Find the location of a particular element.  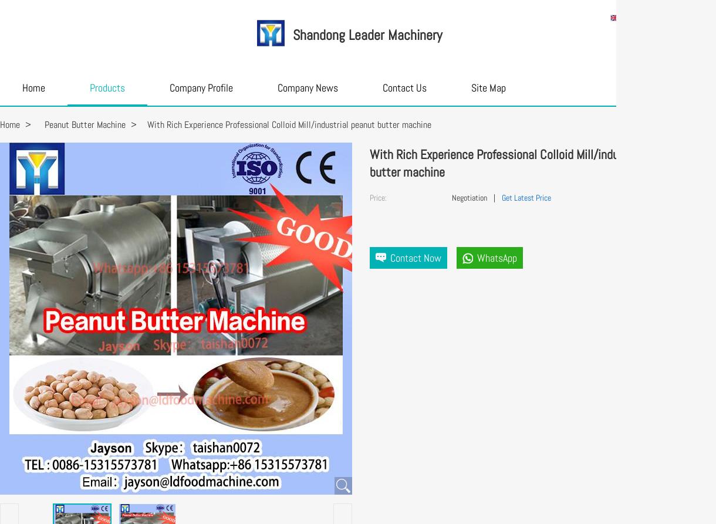

'Company News' is located at coordinates (308, 87).